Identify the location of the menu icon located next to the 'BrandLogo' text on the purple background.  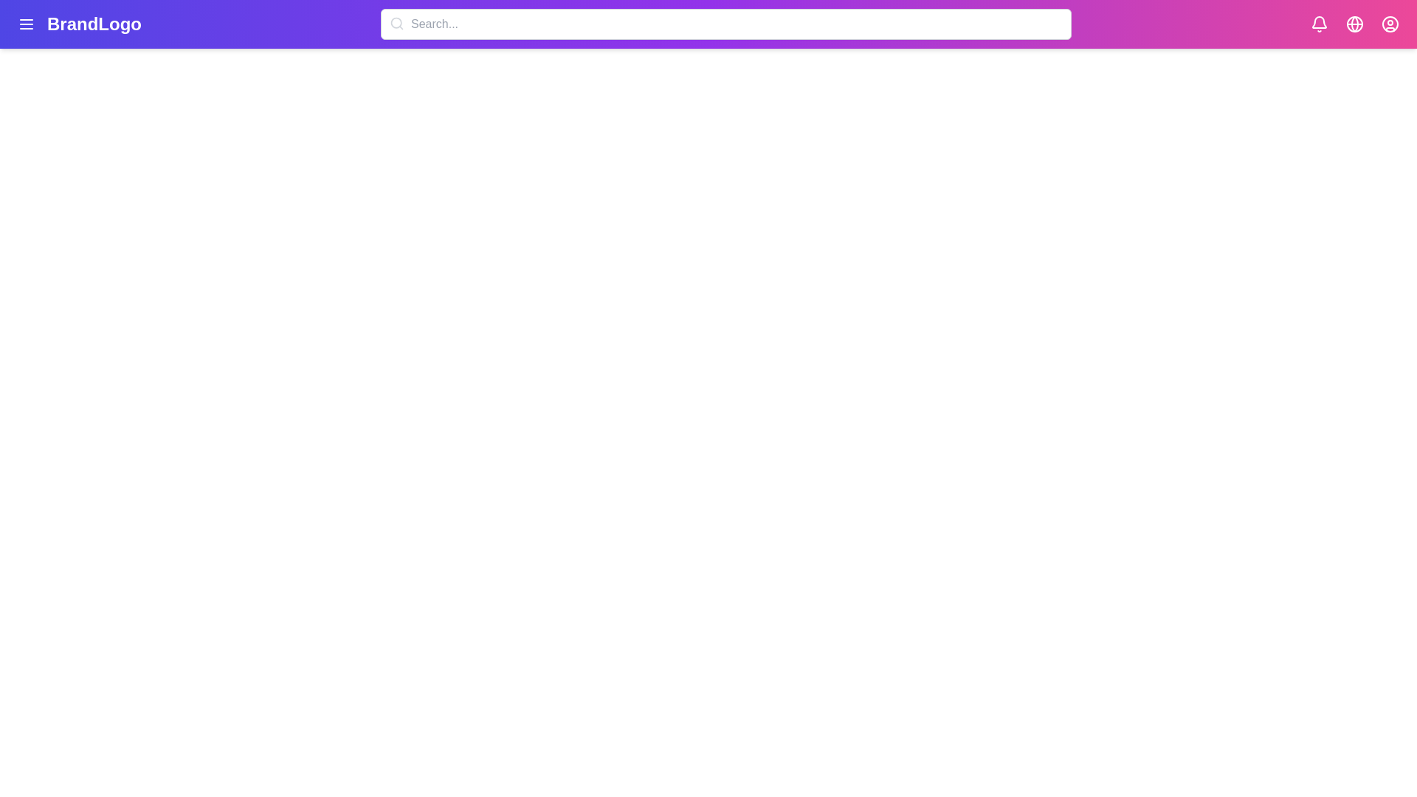
(78, 24).